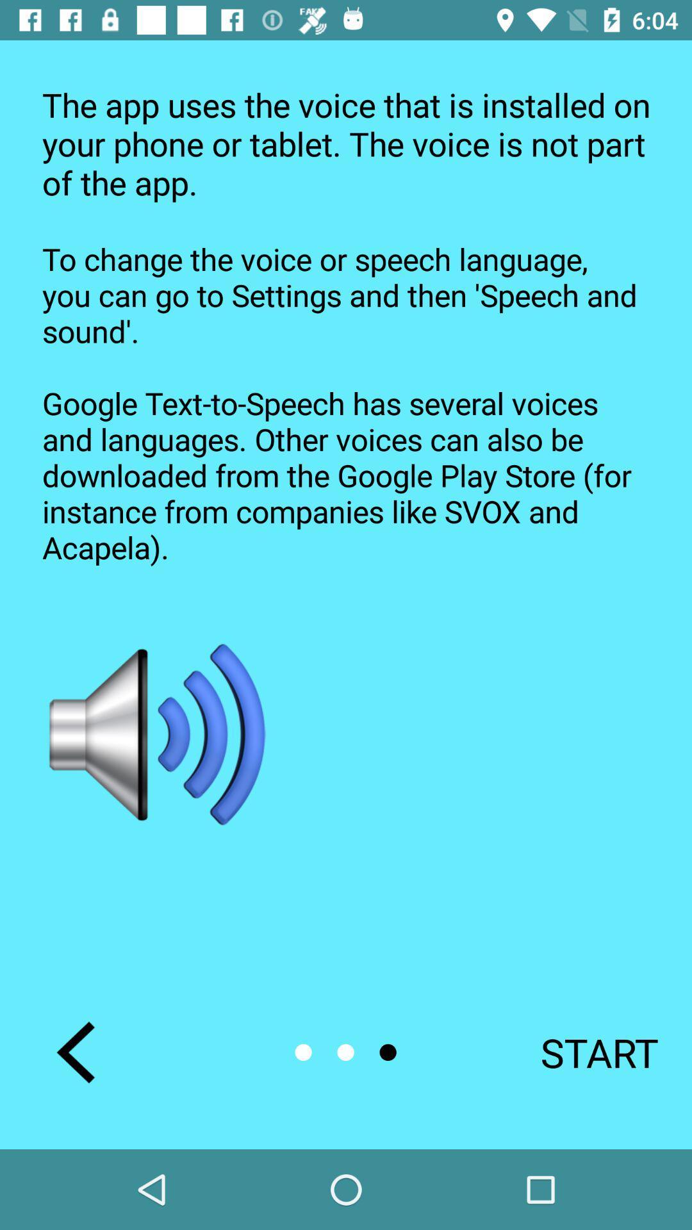 The image size is (692, 1230). What do you see at coordinates (76, 1052) in the screenshot?
I see `button at the bottom left corner` at bounding box center [76, 1052].